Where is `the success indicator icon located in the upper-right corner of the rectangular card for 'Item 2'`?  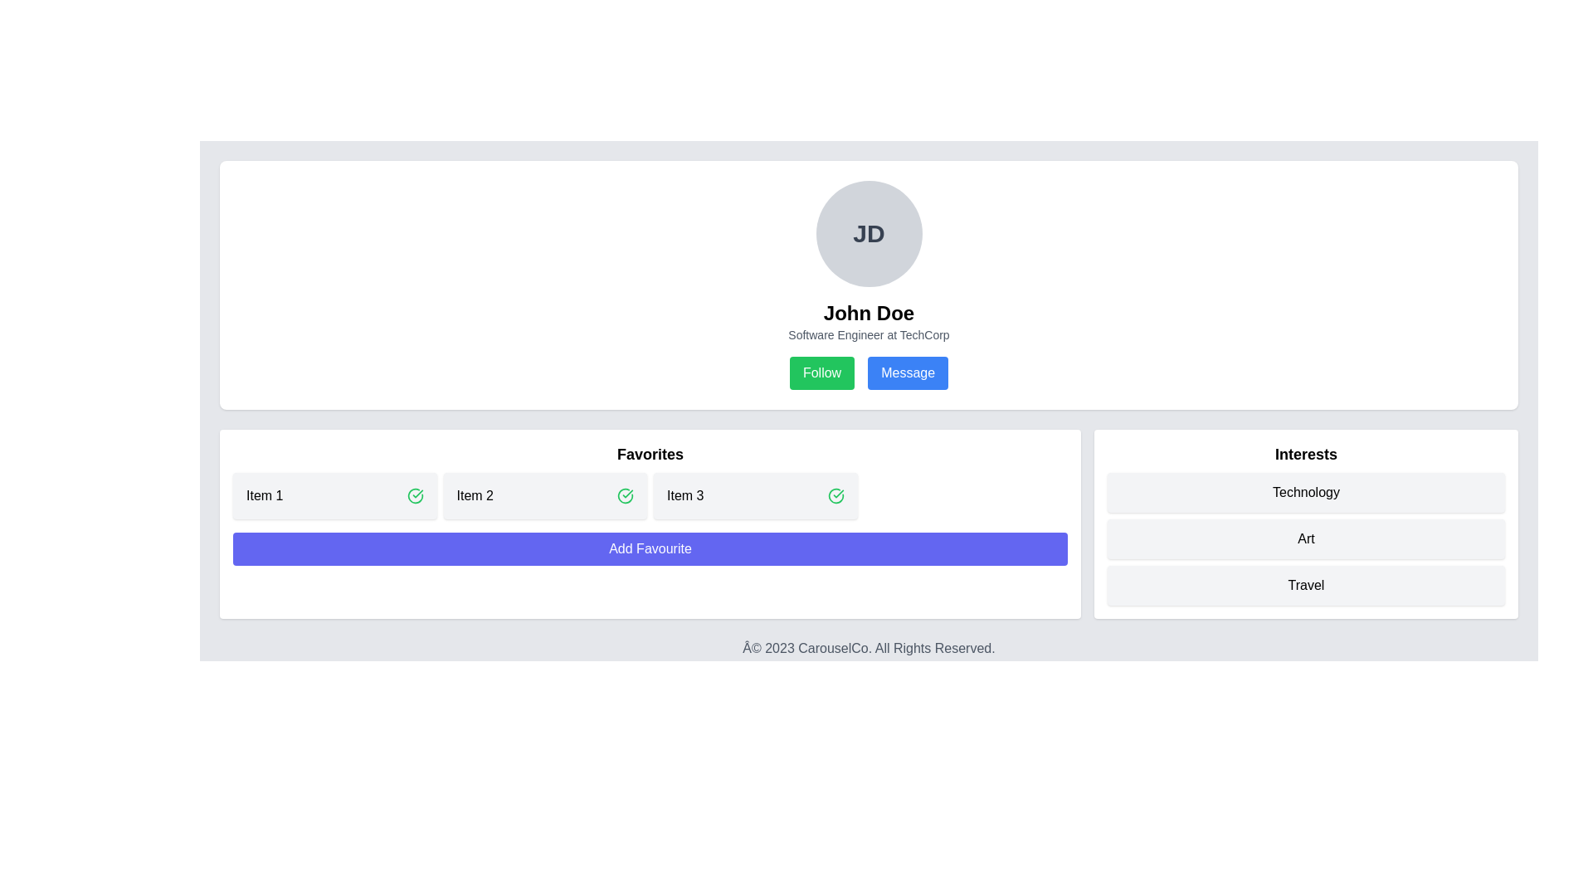 the success indicator icon located in the upper-right corner of the rectangular card for 'Item 2' is located at coordinates (624, 494).